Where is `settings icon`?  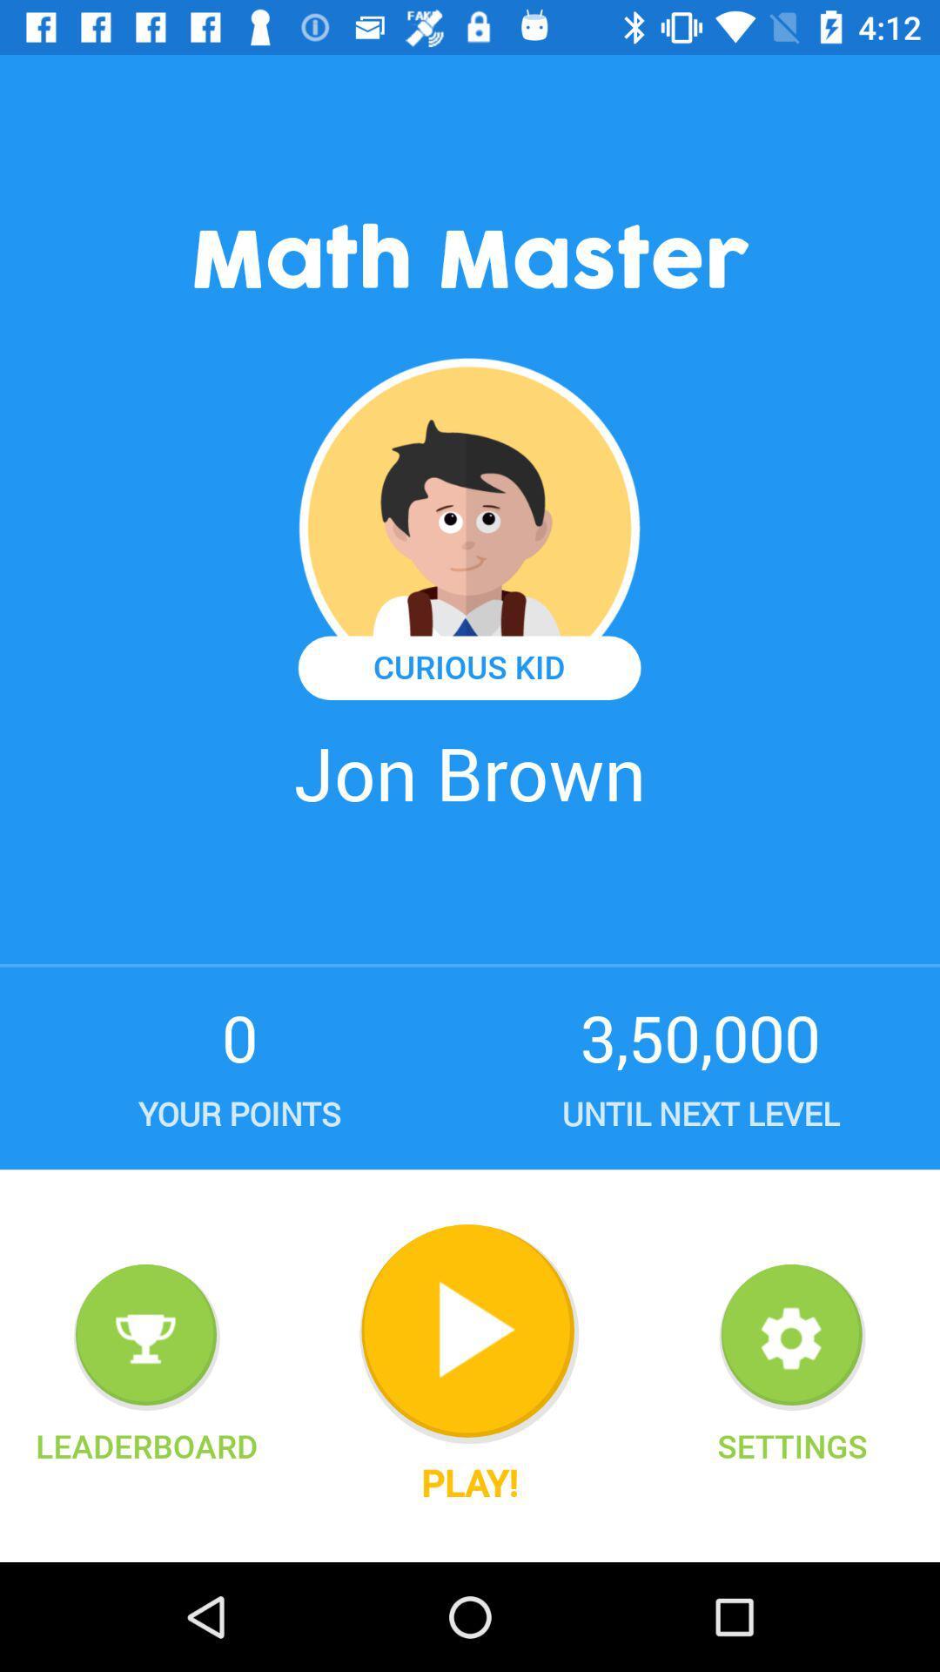
settings icon is located at coordinates (792, 1446).